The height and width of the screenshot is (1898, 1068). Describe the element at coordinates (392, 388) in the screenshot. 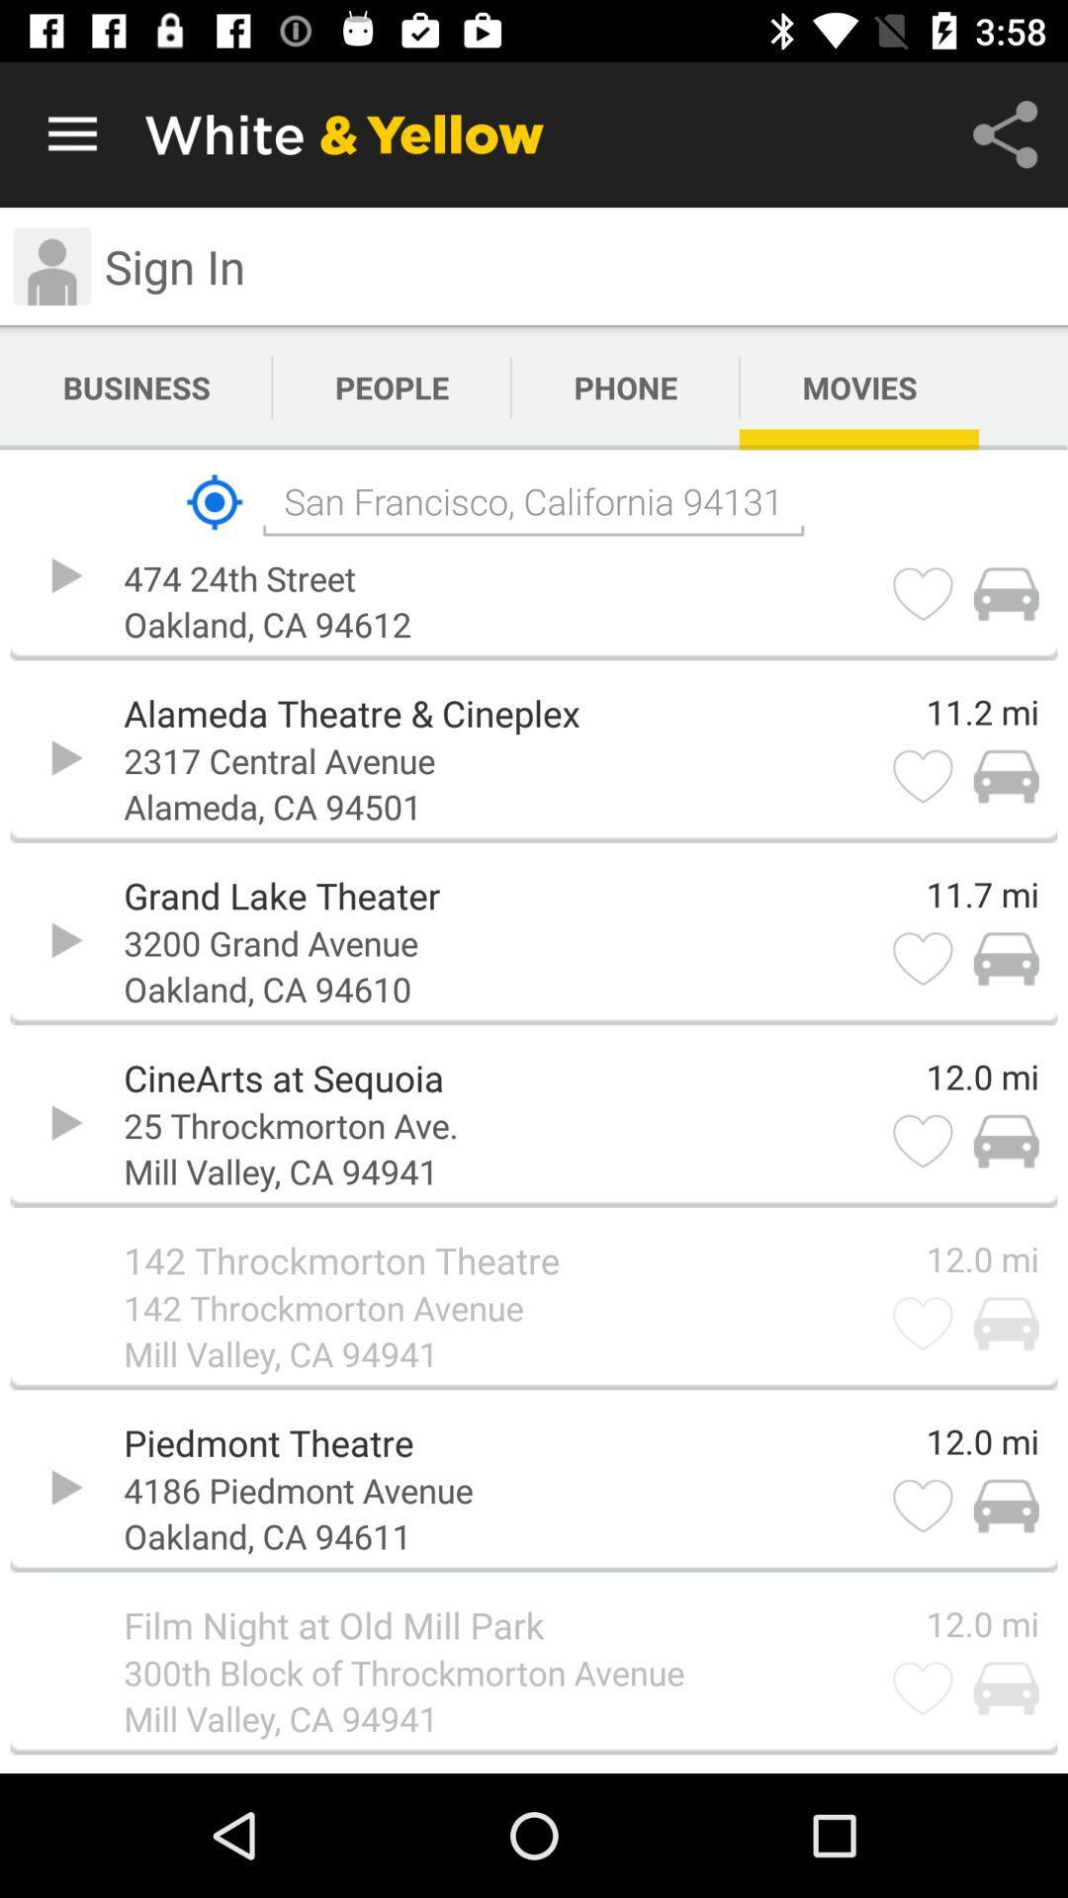

I see `the icon next to business item` at that location.